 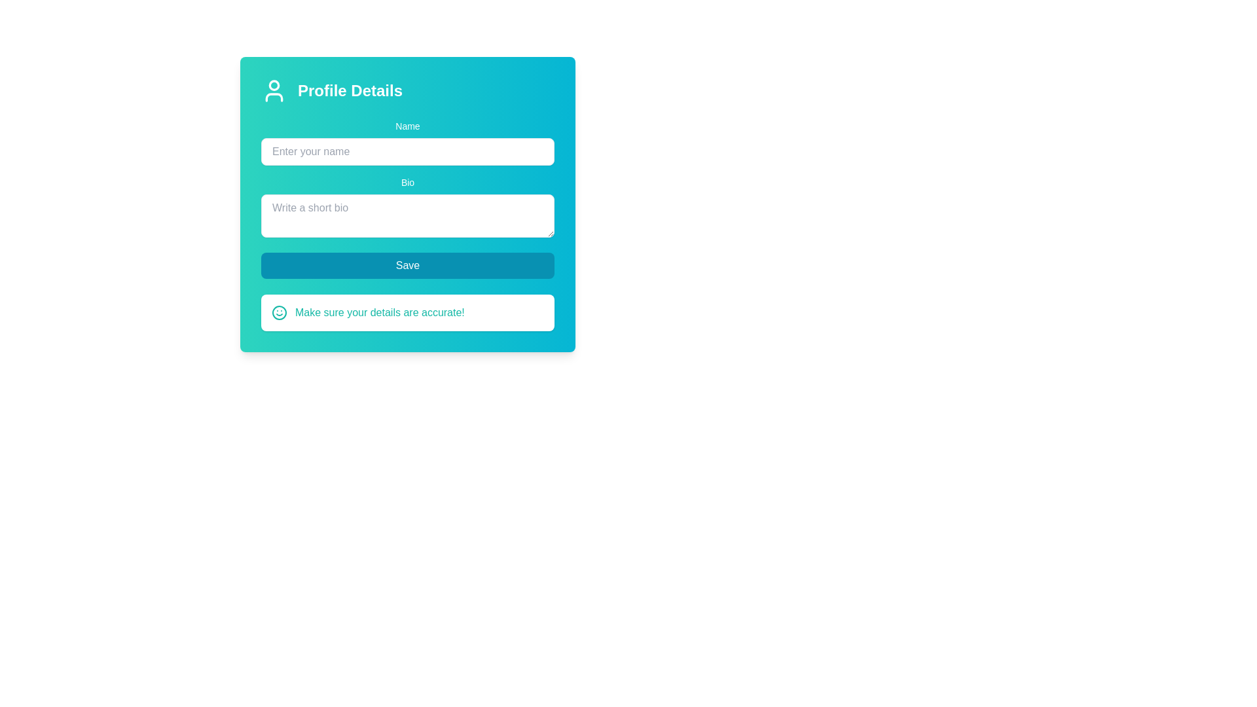 What do you see at coordinates (407, 313) in the screenshot?
I see `the Notification Banner located directly below the 'Save' button in the profile editing form, which informs the user to verify their entered details before saving` at bounding box center [407, 313].